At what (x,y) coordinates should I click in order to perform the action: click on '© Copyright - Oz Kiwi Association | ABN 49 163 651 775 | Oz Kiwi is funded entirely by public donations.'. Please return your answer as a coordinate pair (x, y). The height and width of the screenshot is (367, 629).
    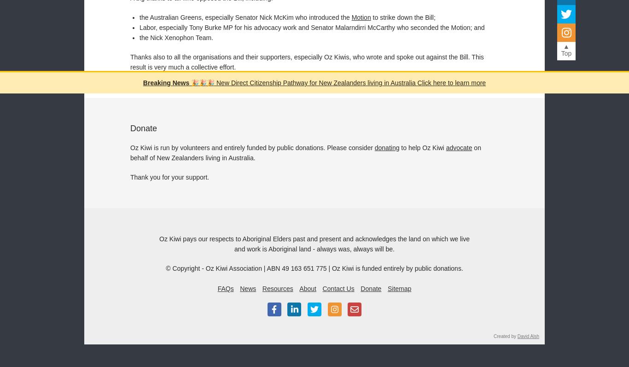
    Looking at the image, I should click on (165, 267).